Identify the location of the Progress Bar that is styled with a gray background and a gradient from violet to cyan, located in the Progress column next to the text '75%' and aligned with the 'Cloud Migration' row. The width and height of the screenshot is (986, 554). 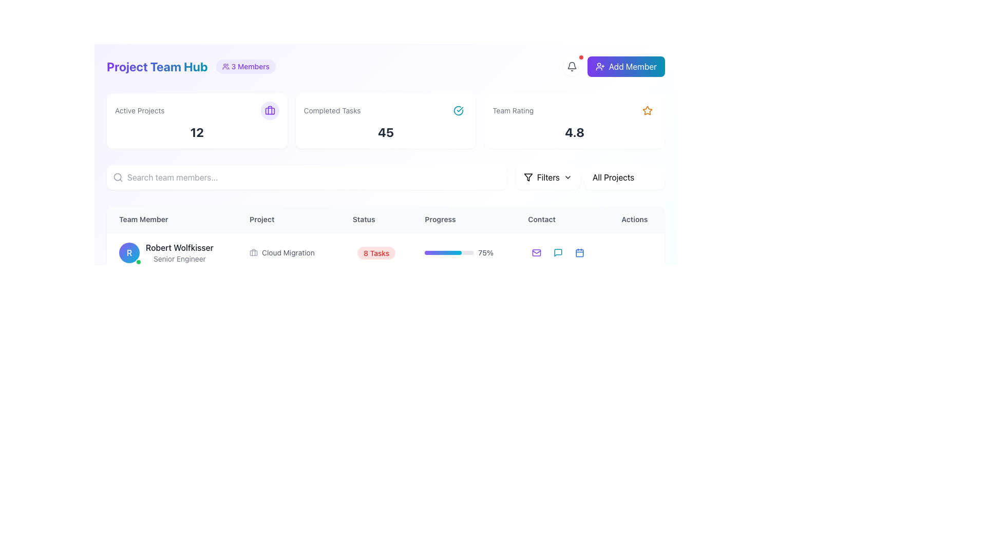
(449, 253).